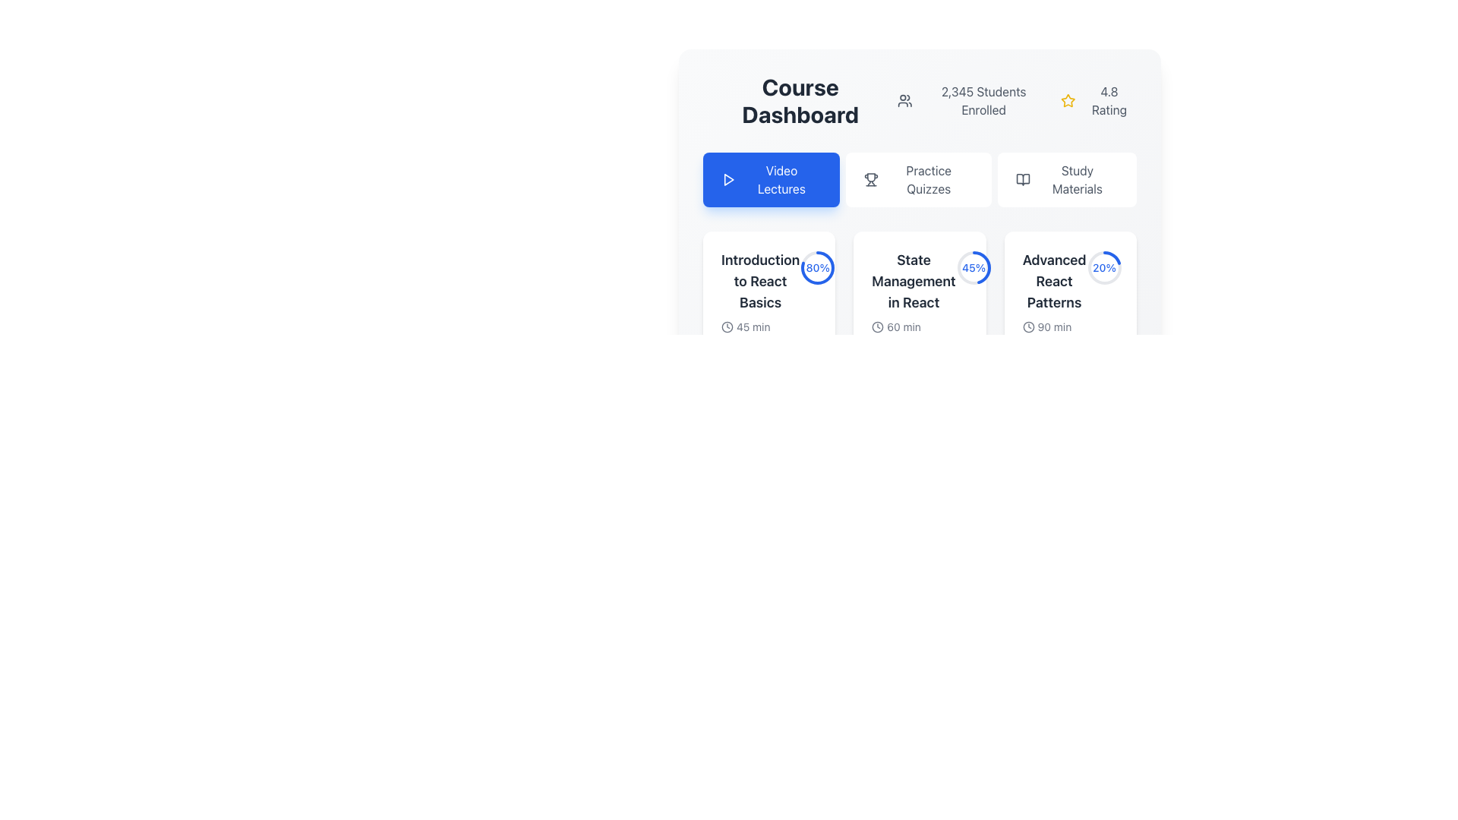  Describe the element at coordinates (913, 326) in the screenshot. I see `the informational label indicating the duration of the course content within the second card labeled 'State Management in React' in the middle column of the dashboard` at that location.